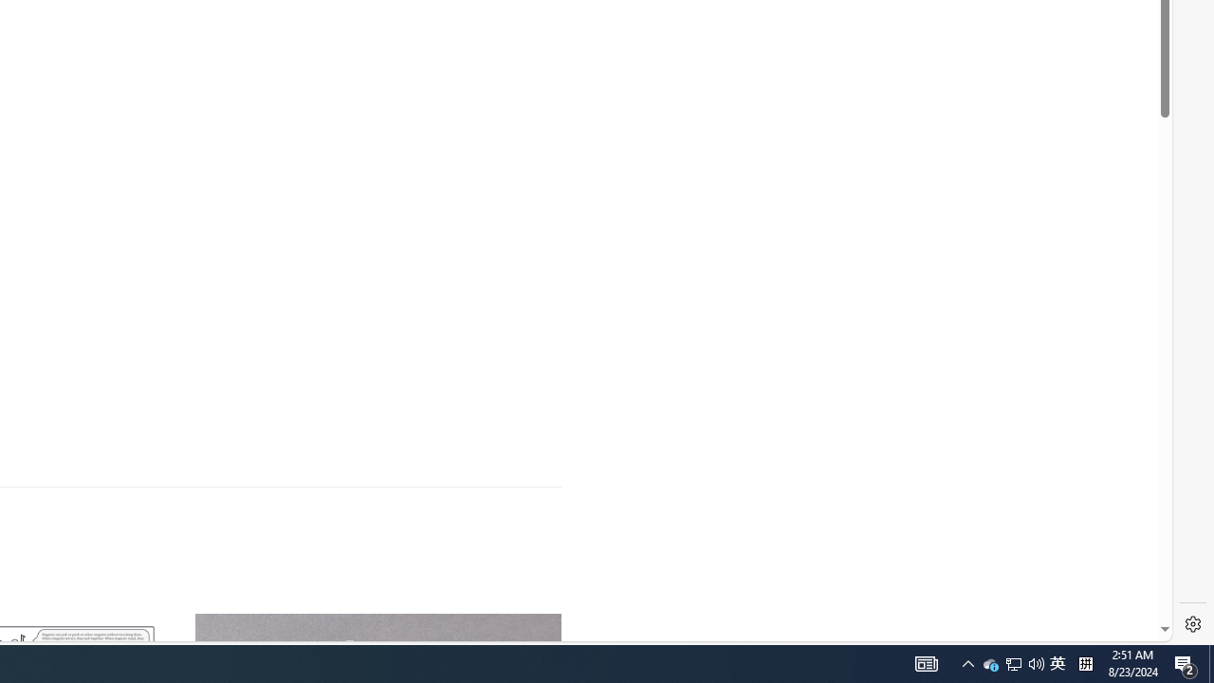 This screenshot has width=1214, height=683. I want to click on 'Settings', so click(1192, 624).